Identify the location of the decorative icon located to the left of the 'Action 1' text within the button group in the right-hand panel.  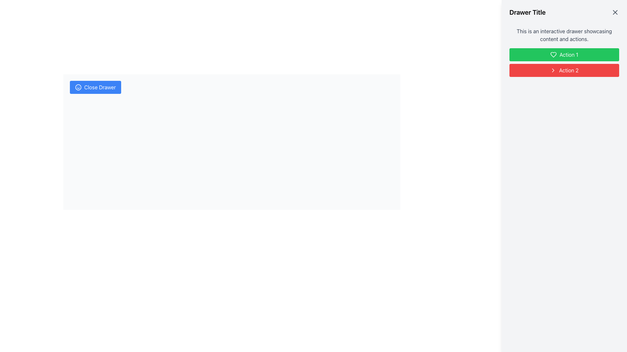
(553, 54).